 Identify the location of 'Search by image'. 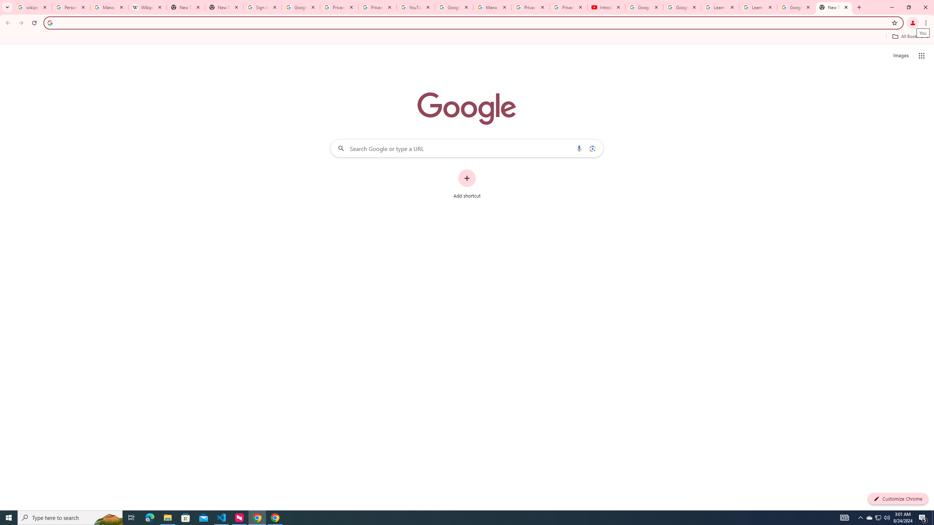
(592, 148).